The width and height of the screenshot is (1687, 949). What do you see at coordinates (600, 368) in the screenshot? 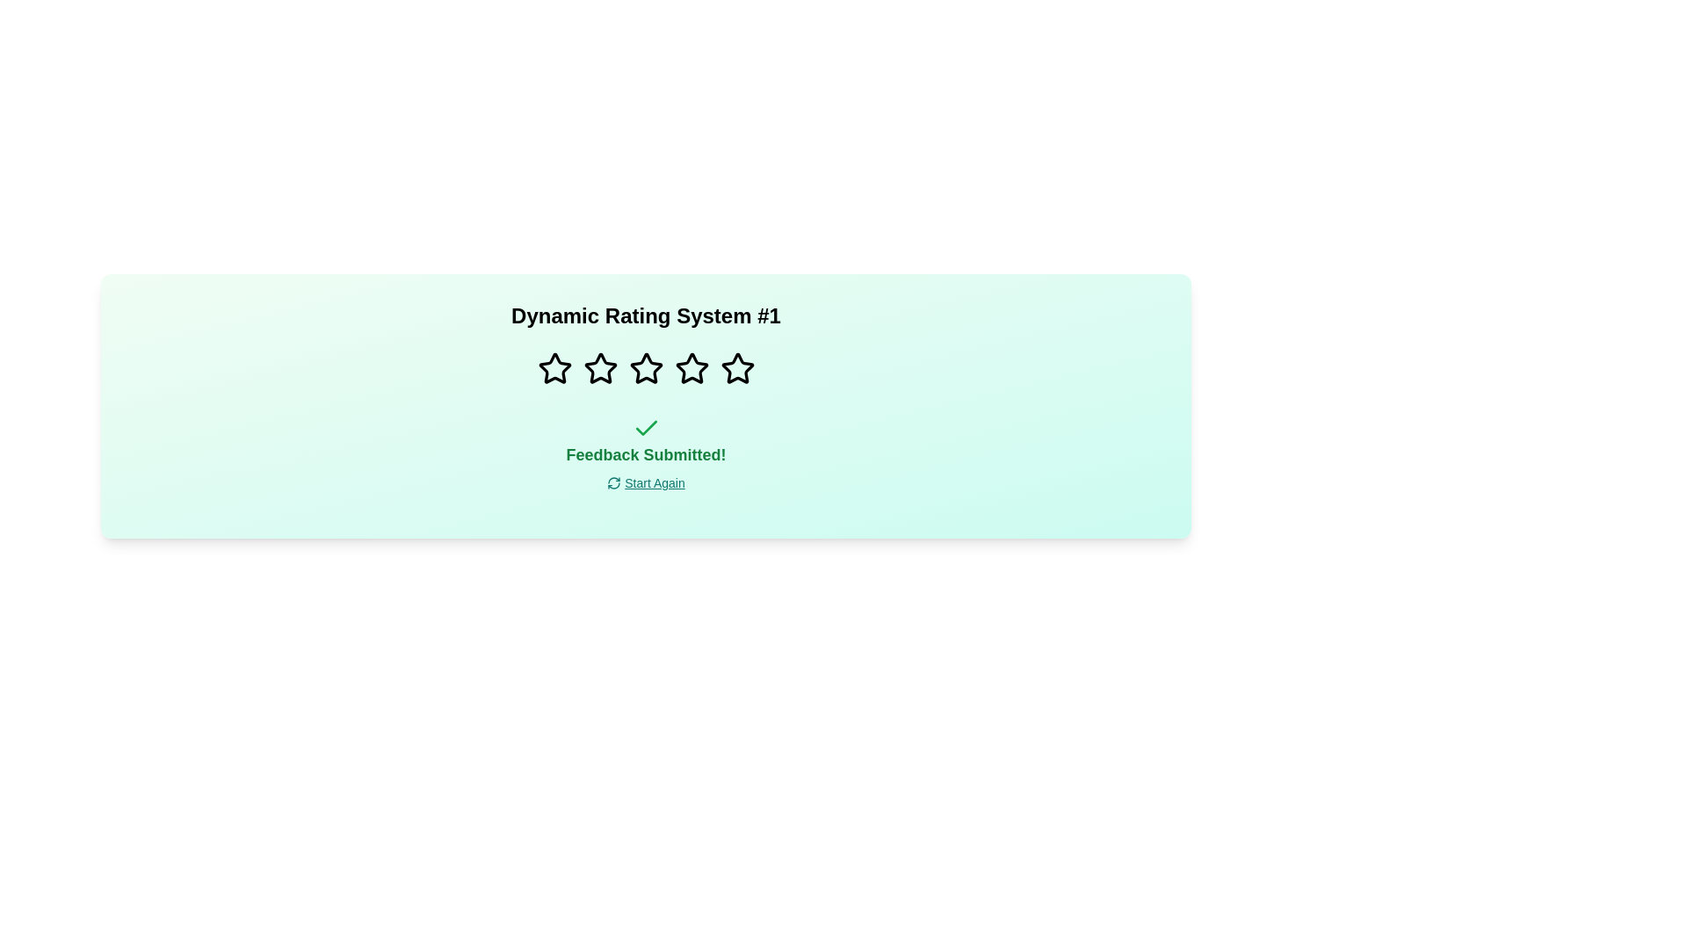
I see `the second star in the rating system` at bounding box center [600, 368].